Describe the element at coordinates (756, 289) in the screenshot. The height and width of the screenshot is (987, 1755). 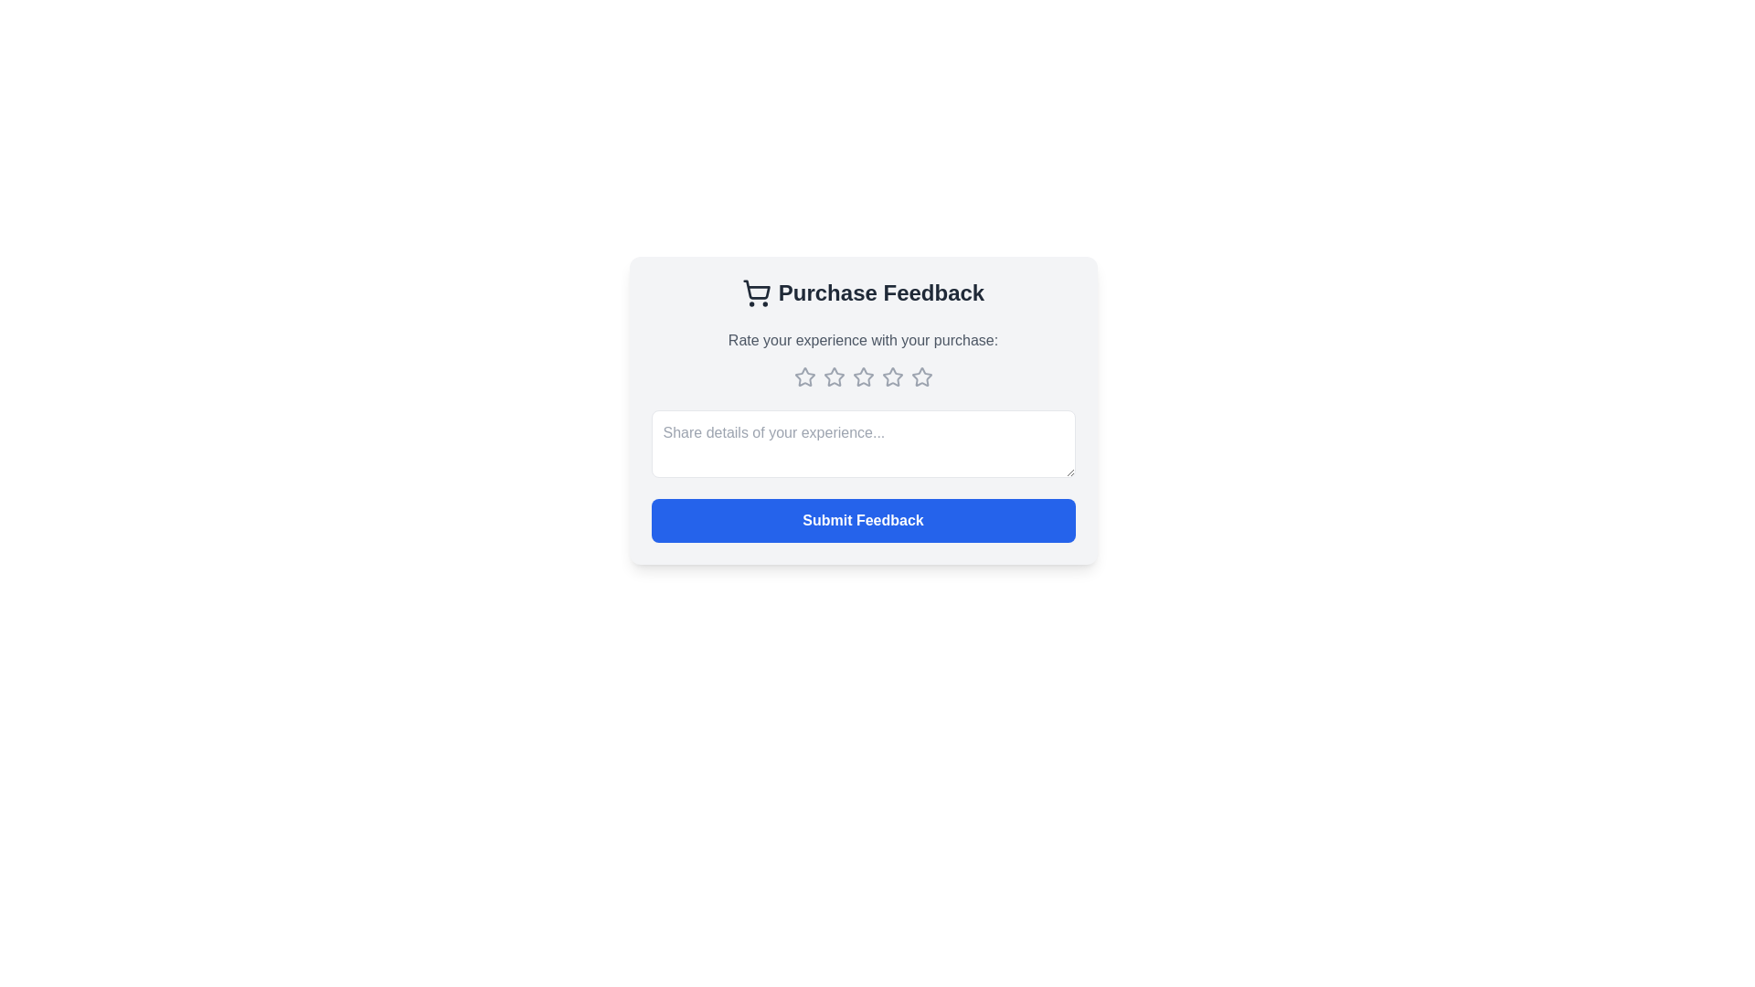
I see `the shopping cart icon, which is a minimalist outline style element featuring a rectangular basket and wheels, located near the 'Purchase Feedback' text in the interface header` at that location.